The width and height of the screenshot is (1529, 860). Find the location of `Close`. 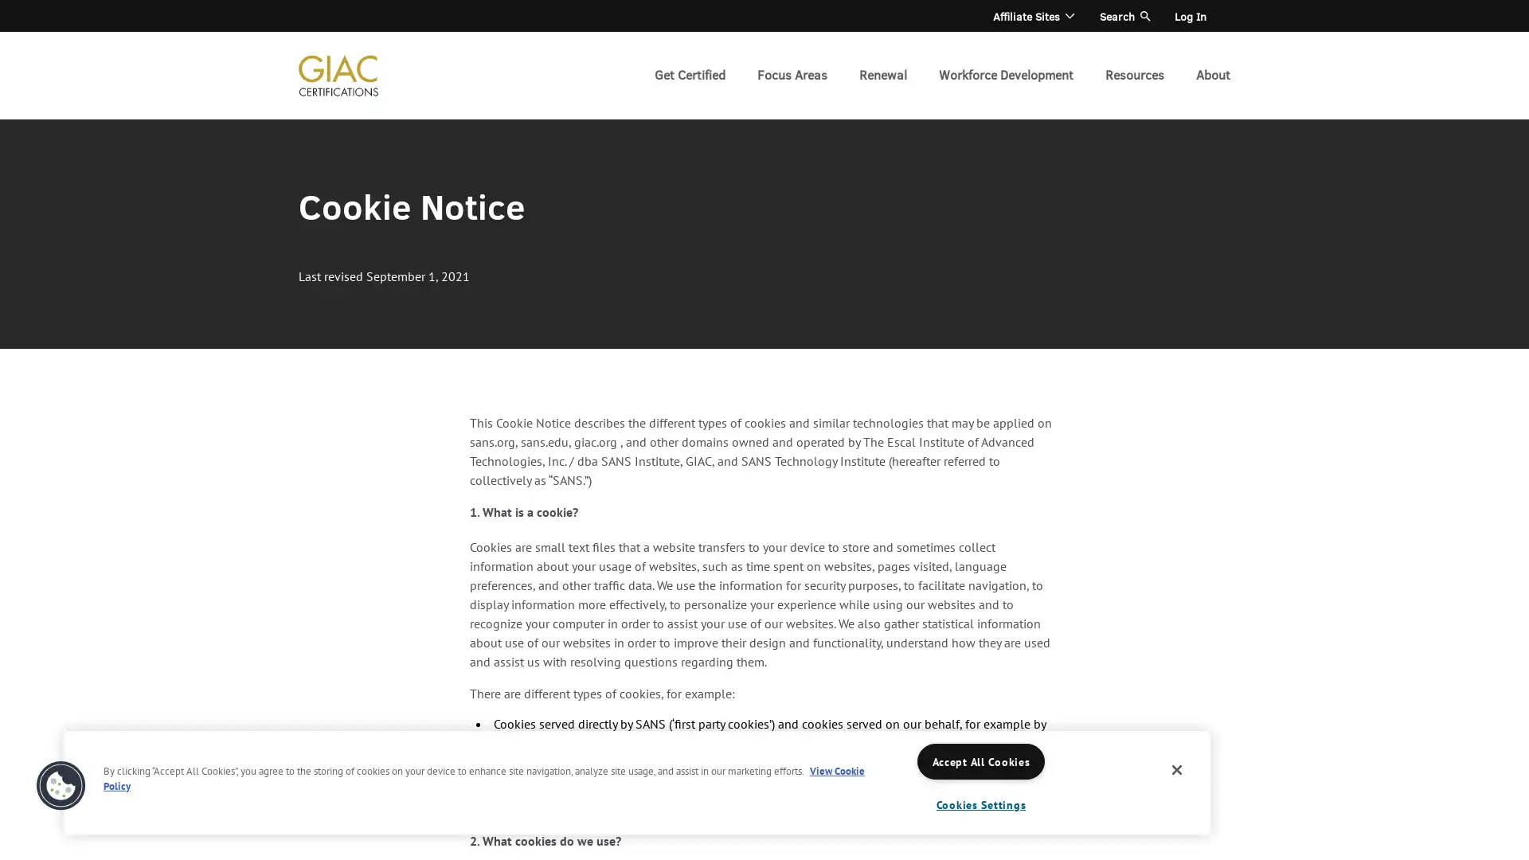

Close is located at coordinates (1177, 769).